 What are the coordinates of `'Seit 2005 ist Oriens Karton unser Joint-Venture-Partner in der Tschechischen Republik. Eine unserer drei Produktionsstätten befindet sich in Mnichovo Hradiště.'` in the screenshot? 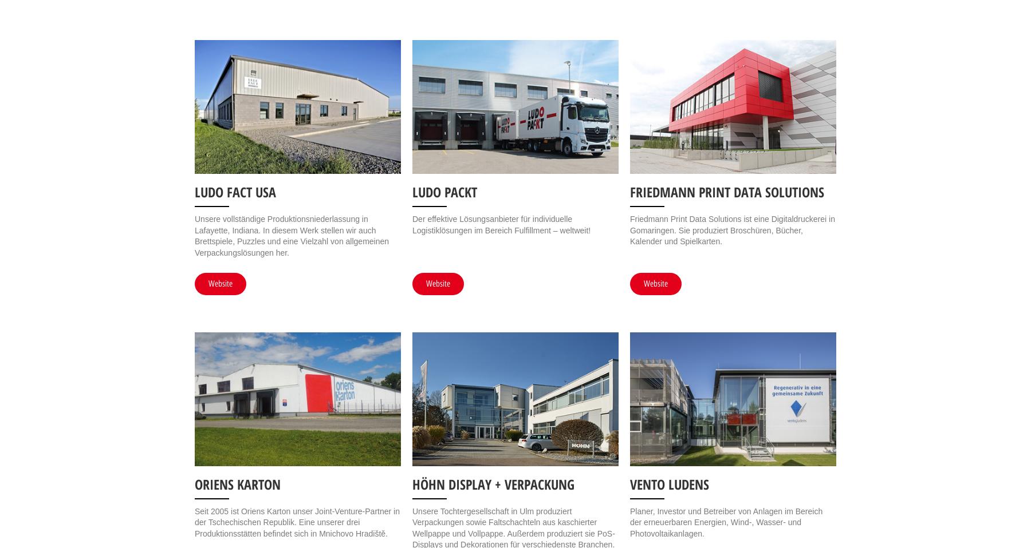 It's located at (296, 522).